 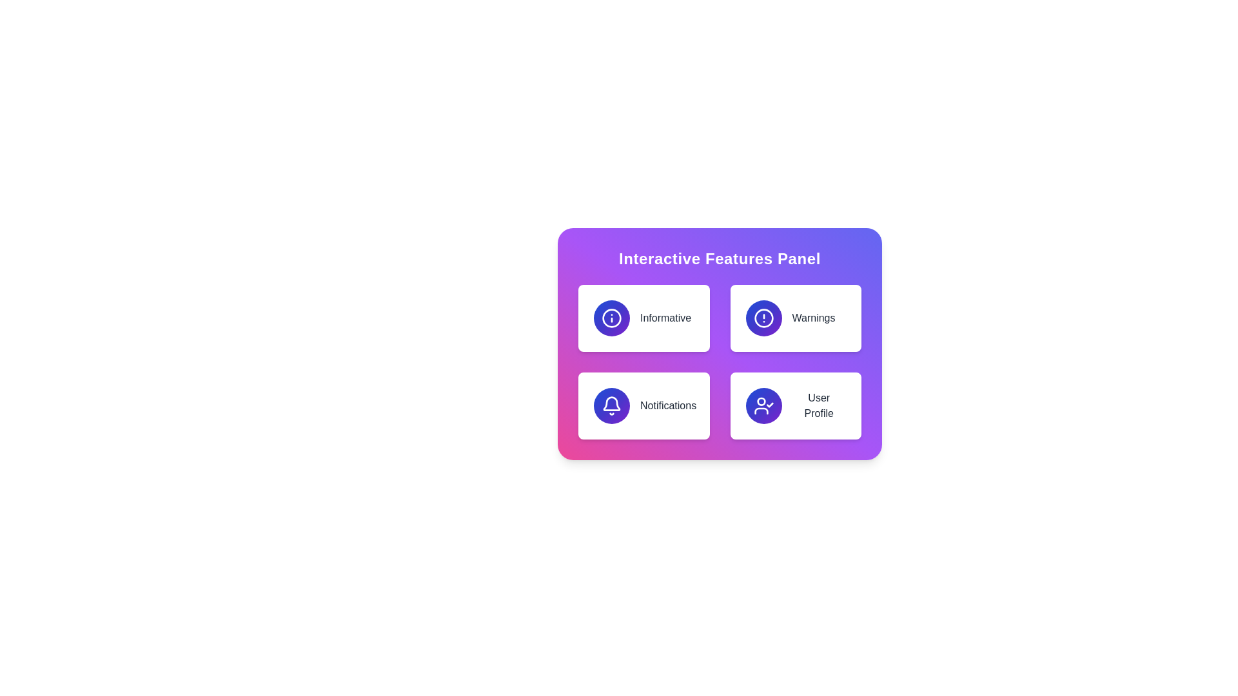 What do you see at coordinates (795, 318) in the screenshot?
I see `the 'Warnings' interactive card, which has a white background, rounded corners, a circular gradient icon on the left, and the text 'Warnings' in gray` at bounding box center [795, 318].